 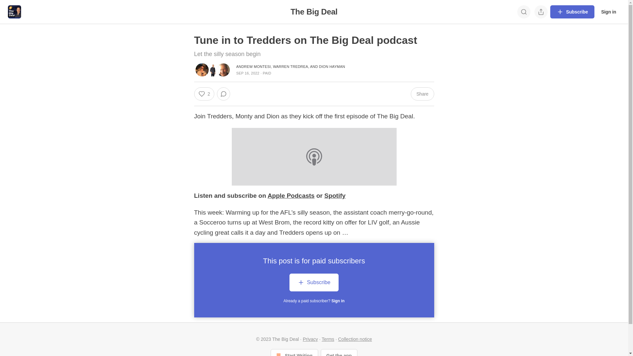 What do you see at coordinates (332, 66) in the screenshot?
I see `'DION HAYMAN'` at bounding box center [332, 66].